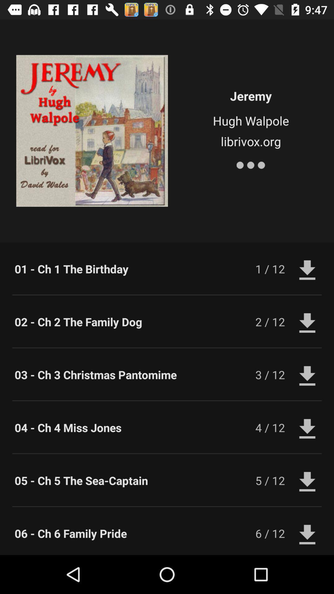 The width and height of the screenshot is (334, 594). Describe the element at coordinates (251, 164) in the screenshot. I see `the more icon` at that location.